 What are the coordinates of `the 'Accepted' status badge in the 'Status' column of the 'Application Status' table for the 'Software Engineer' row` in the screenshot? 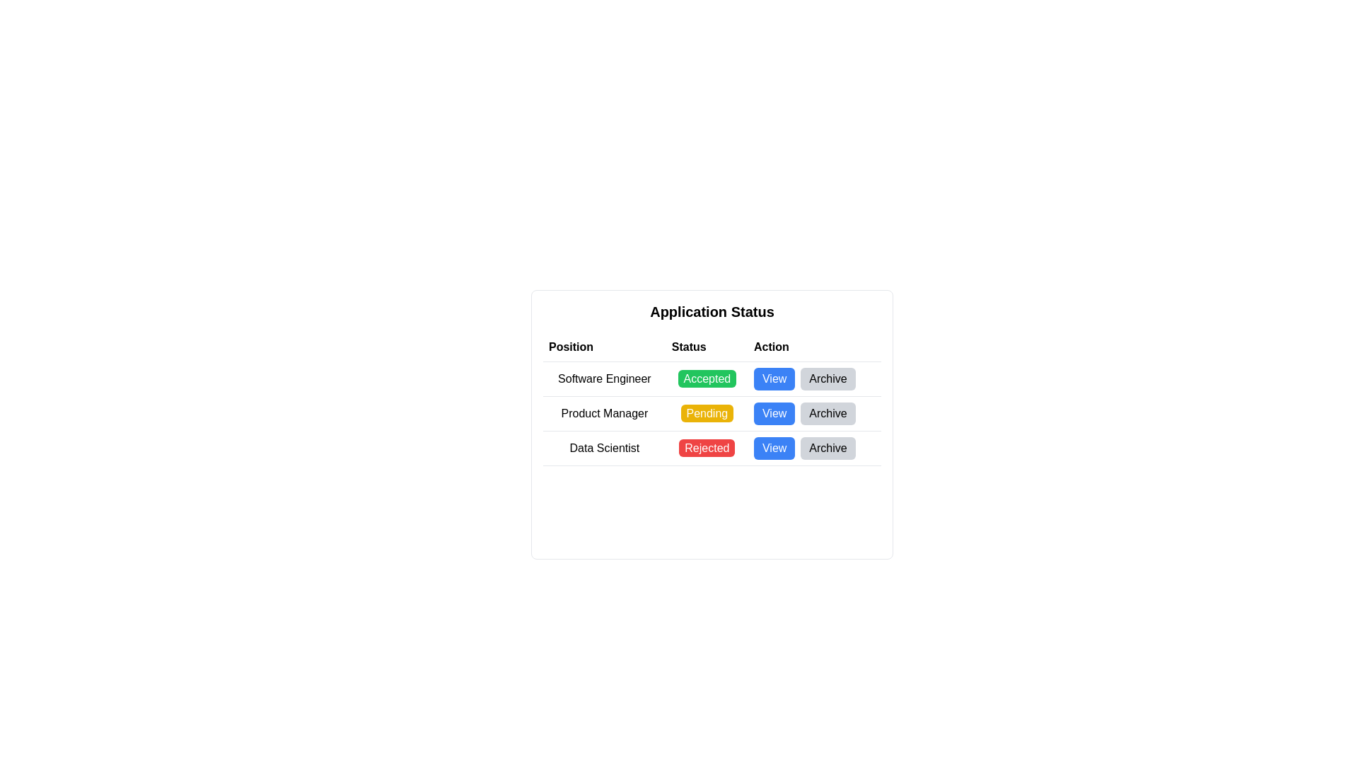 It's located at (707, 378).